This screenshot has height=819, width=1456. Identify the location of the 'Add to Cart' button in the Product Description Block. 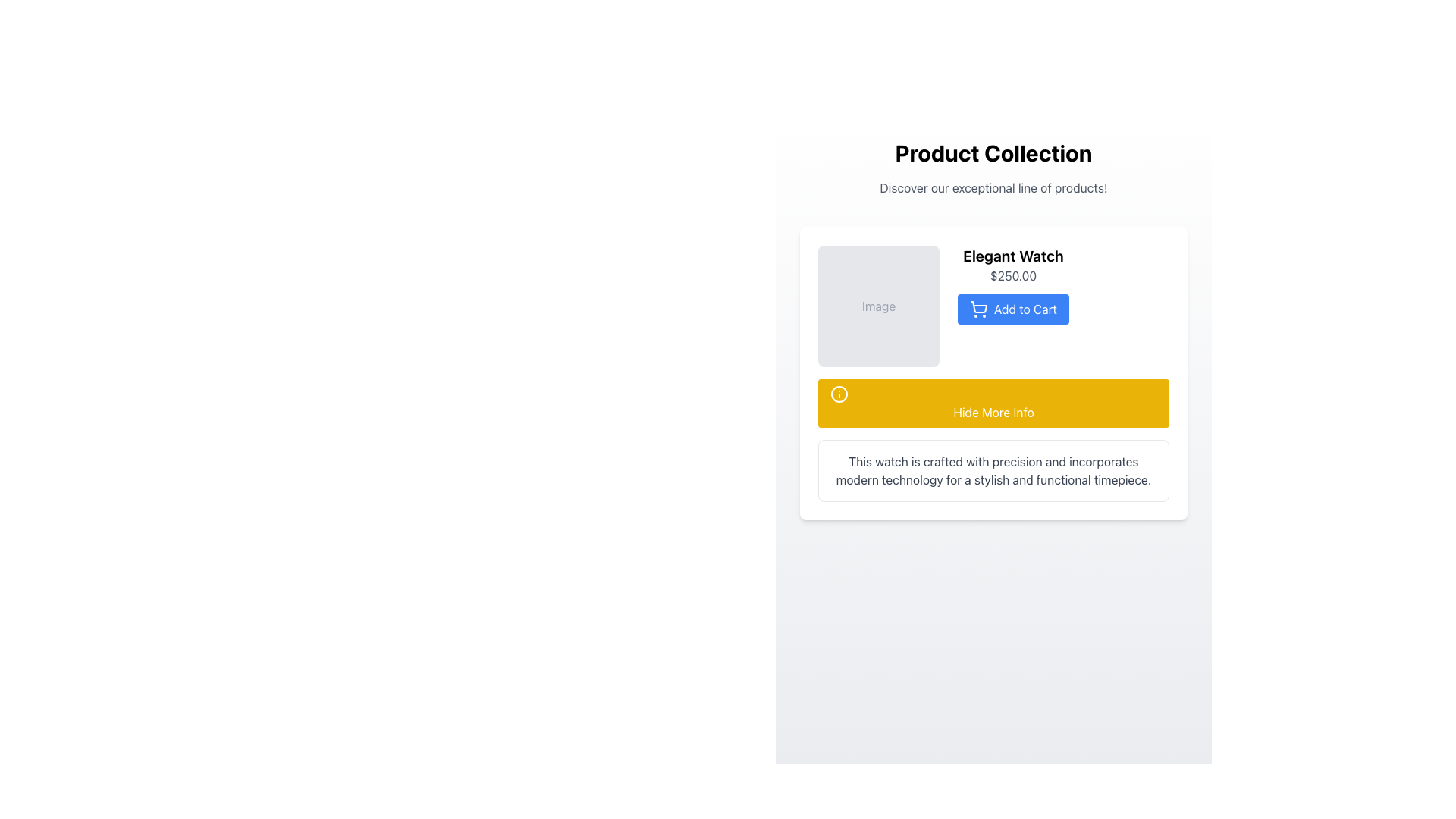
(993, 306).